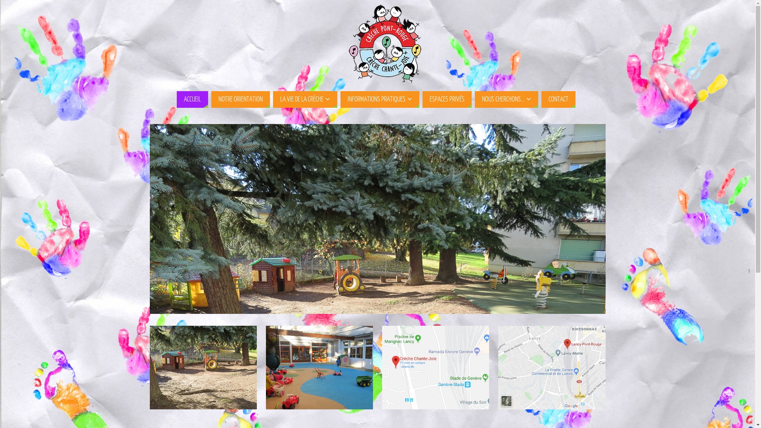 The width and height of the screenshot is (761, 428). I want to click on 'INFORMATIONS PRATIQUES', so click(340, 99).